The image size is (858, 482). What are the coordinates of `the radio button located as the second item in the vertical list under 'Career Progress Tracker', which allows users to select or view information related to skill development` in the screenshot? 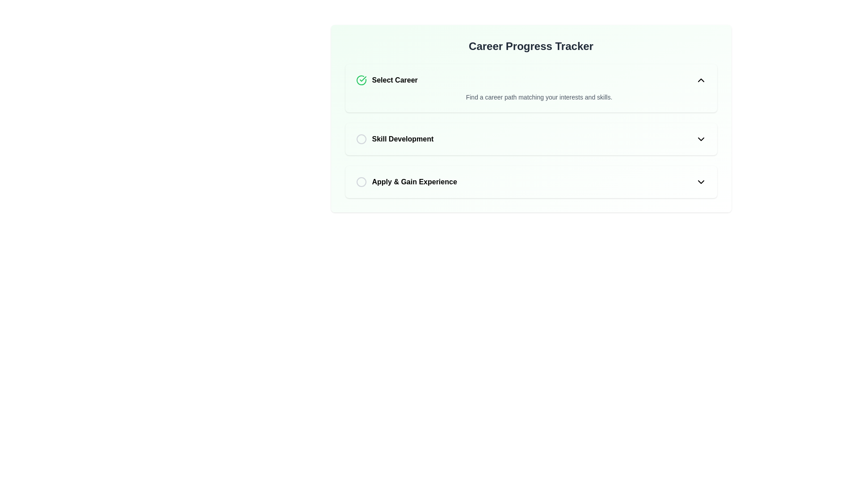 It's located at (531, 139).